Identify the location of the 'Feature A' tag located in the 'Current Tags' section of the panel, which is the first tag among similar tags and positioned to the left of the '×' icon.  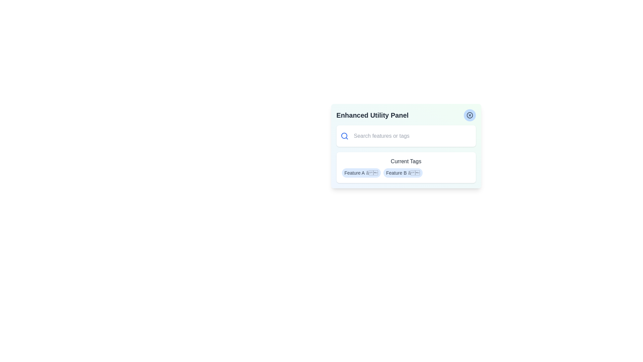
(354, 173).